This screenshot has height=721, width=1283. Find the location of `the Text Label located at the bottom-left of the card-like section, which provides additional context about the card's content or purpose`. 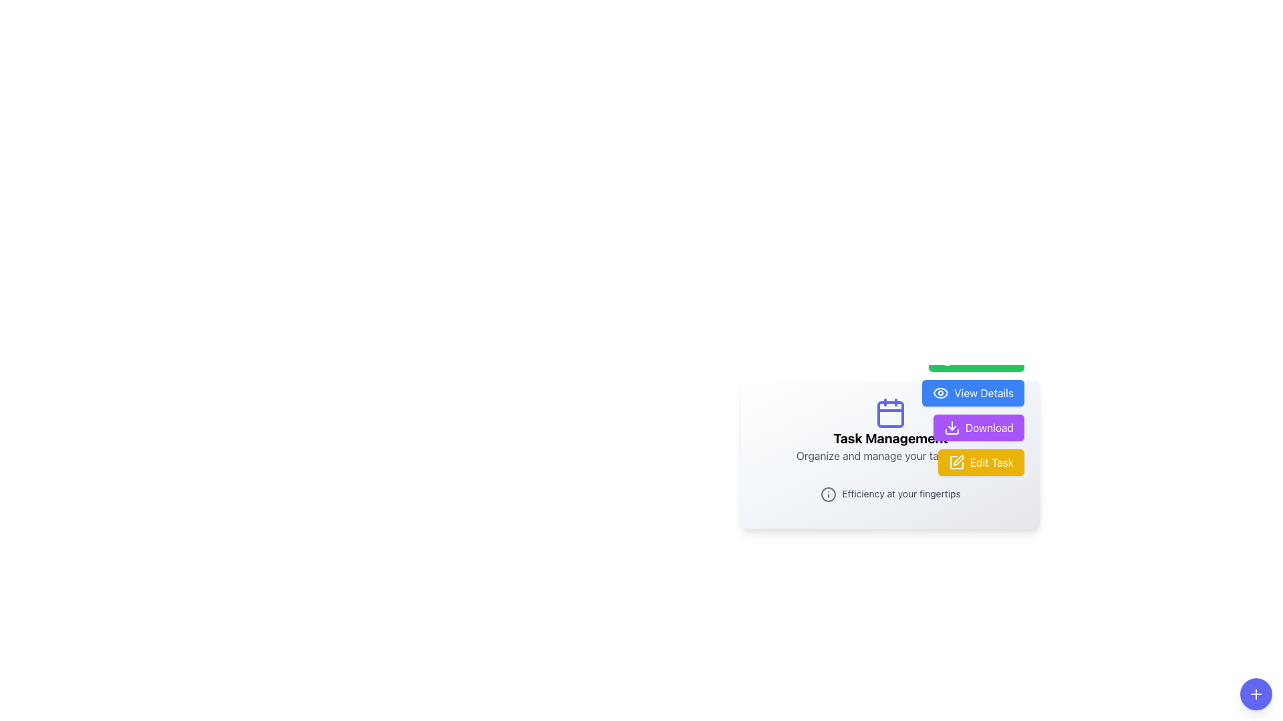

the Text Label located at the bottom-left of the card-like section, which provides additional context about the card's content or purpose is located at coordinates (901, 494).